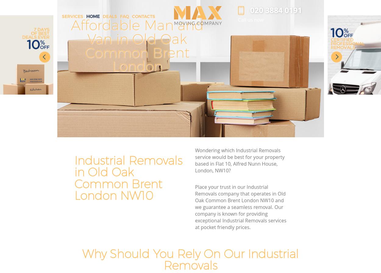  Describe the element at coordinates (250, 19) in the screenshot. I see `'Call us now'` at that location.